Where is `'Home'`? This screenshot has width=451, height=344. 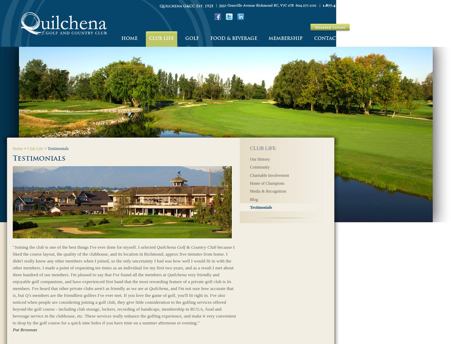
'Home' is located at coordinates (18, 149).